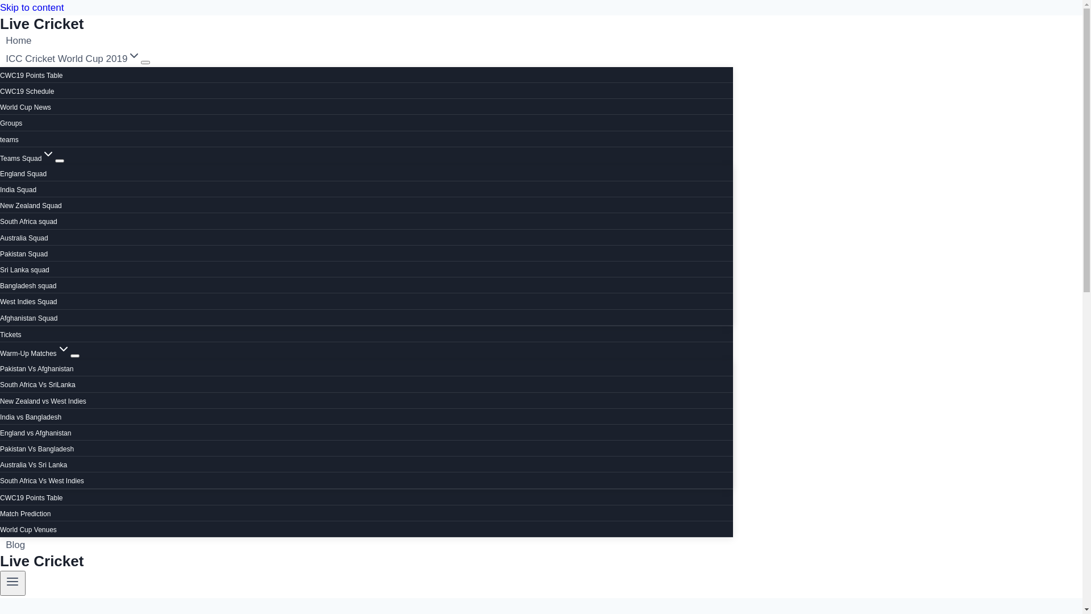 This screenshot has width=1091, height=614. Describe the element at coordinates (0, 254) in the screenshot. I see `'Pakistan Squad'` at that location.